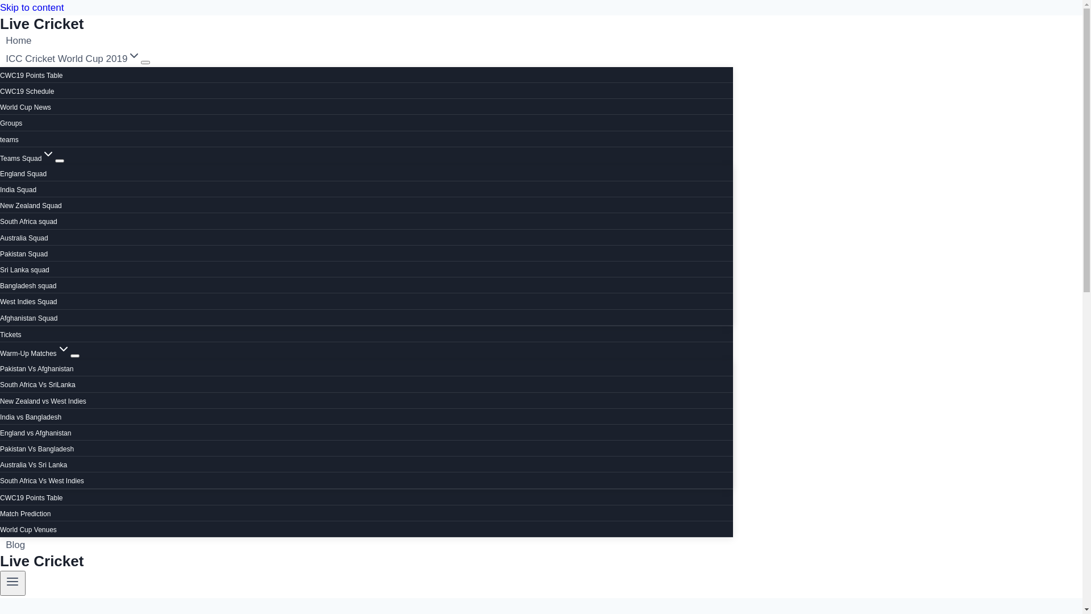 This screenshot has width=1091, height=614. Describe the element at coordinates (0, 254) in the screenshot. I see `'Pakistan Squad'` at that location.